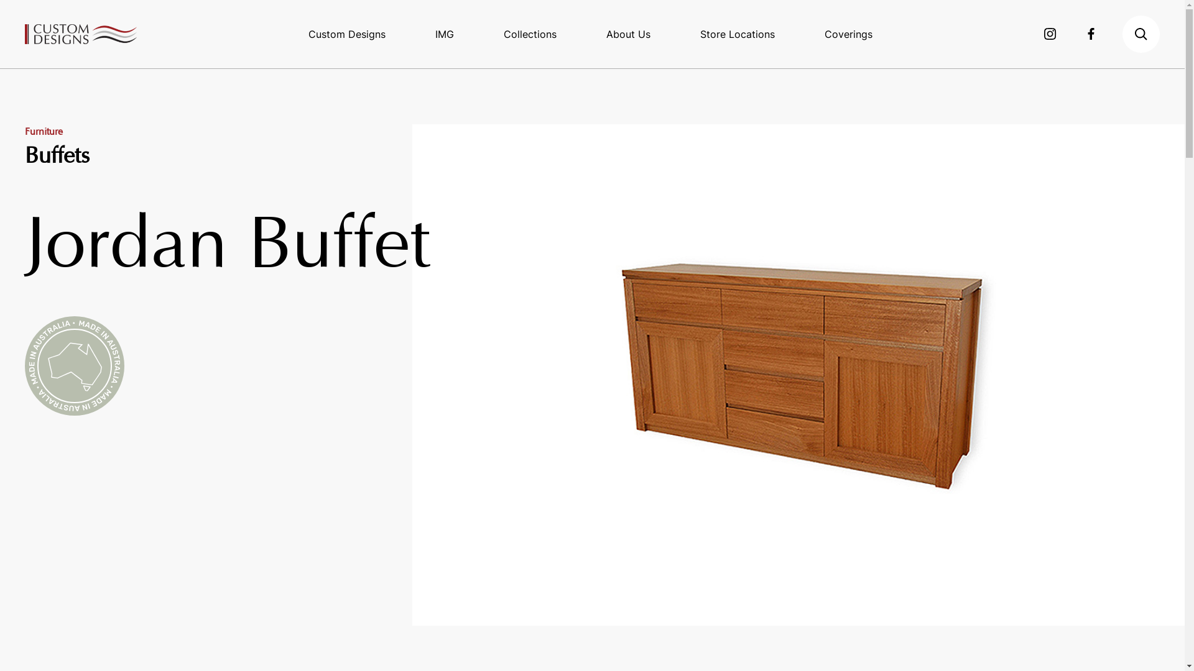 The image size is (1194, 671). I want to click on 'Collections', so click(530, 33).